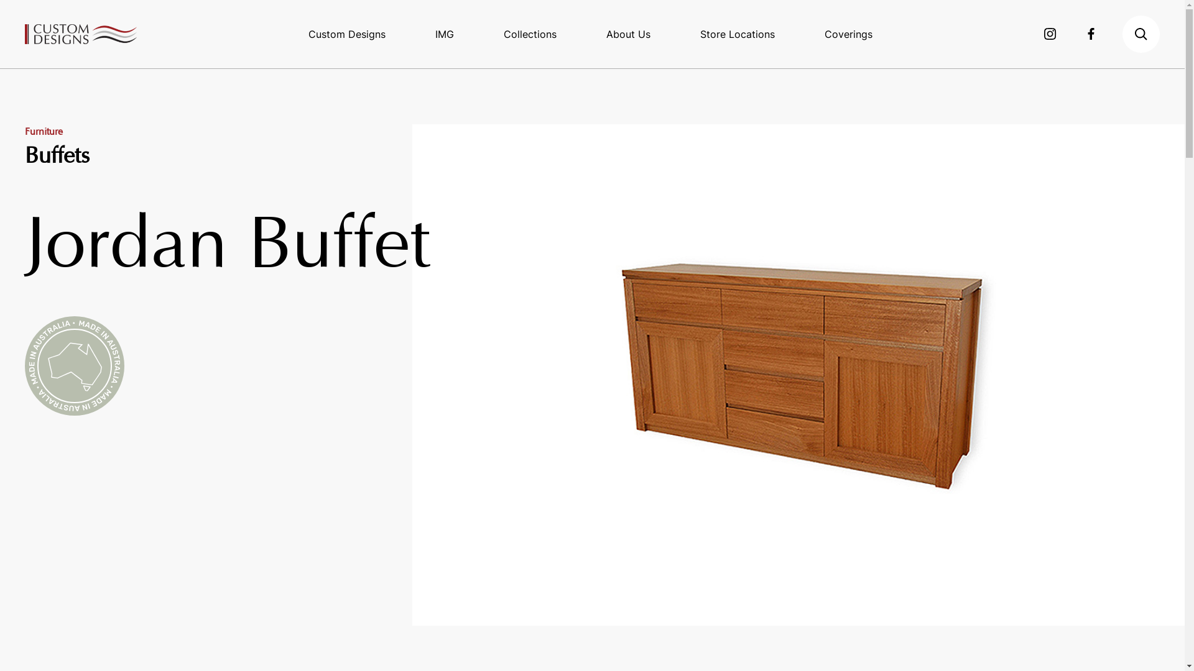 The image size is (1194, 671). I want to click on 'Collections', so click(530, 33).